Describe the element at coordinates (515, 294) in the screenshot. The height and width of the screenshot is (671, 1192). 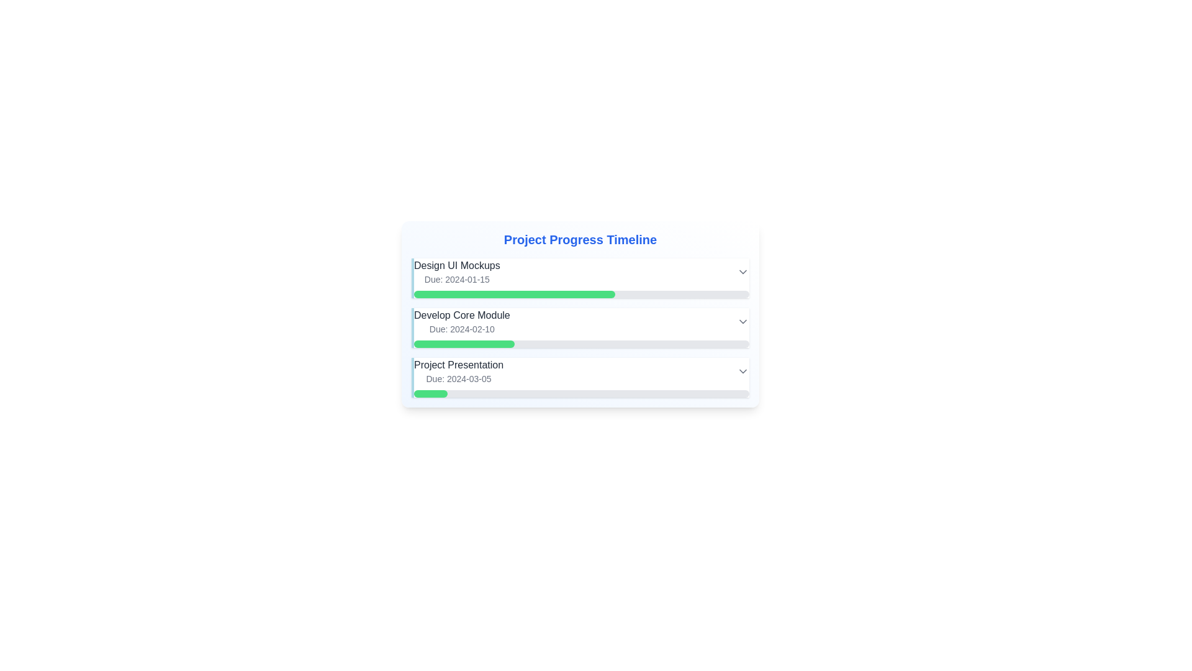
I see `the green progress bar that is filled to approximately 60% and located under the 'Design UI Mockups' section` at that location.